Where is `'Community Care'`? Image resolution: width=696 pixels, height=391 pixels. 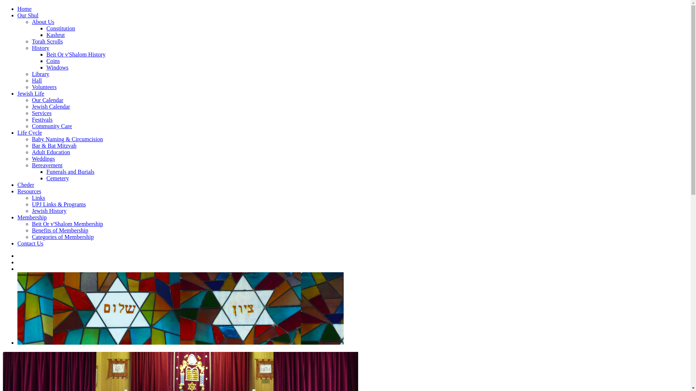
'Community Care' is located at coordinates (31, 126).